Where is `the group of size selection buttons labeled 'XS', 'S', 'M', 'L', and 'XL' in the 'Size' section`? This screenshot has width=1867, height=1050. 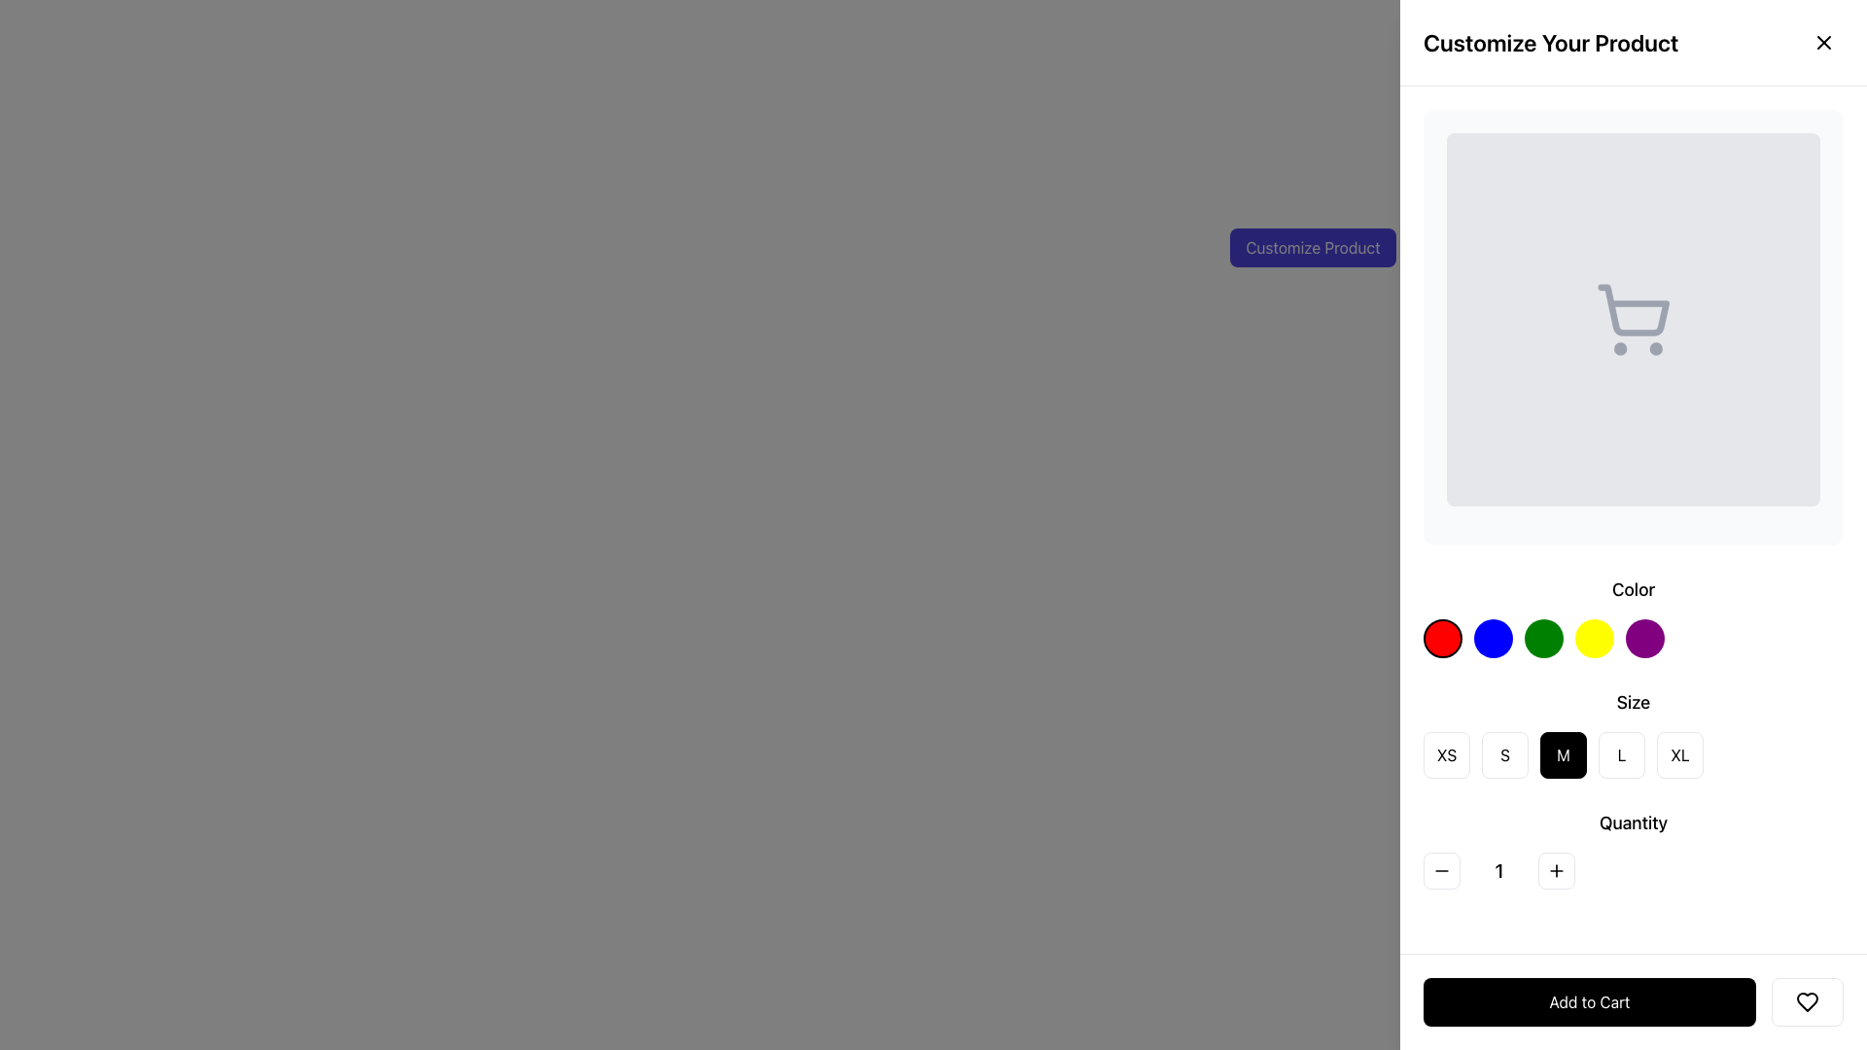
the group of size selection buttons labeled 'XS', 'S', 'M', 'L', and 'XL' in the 'Size' section is located at coordinates (1634, 734).